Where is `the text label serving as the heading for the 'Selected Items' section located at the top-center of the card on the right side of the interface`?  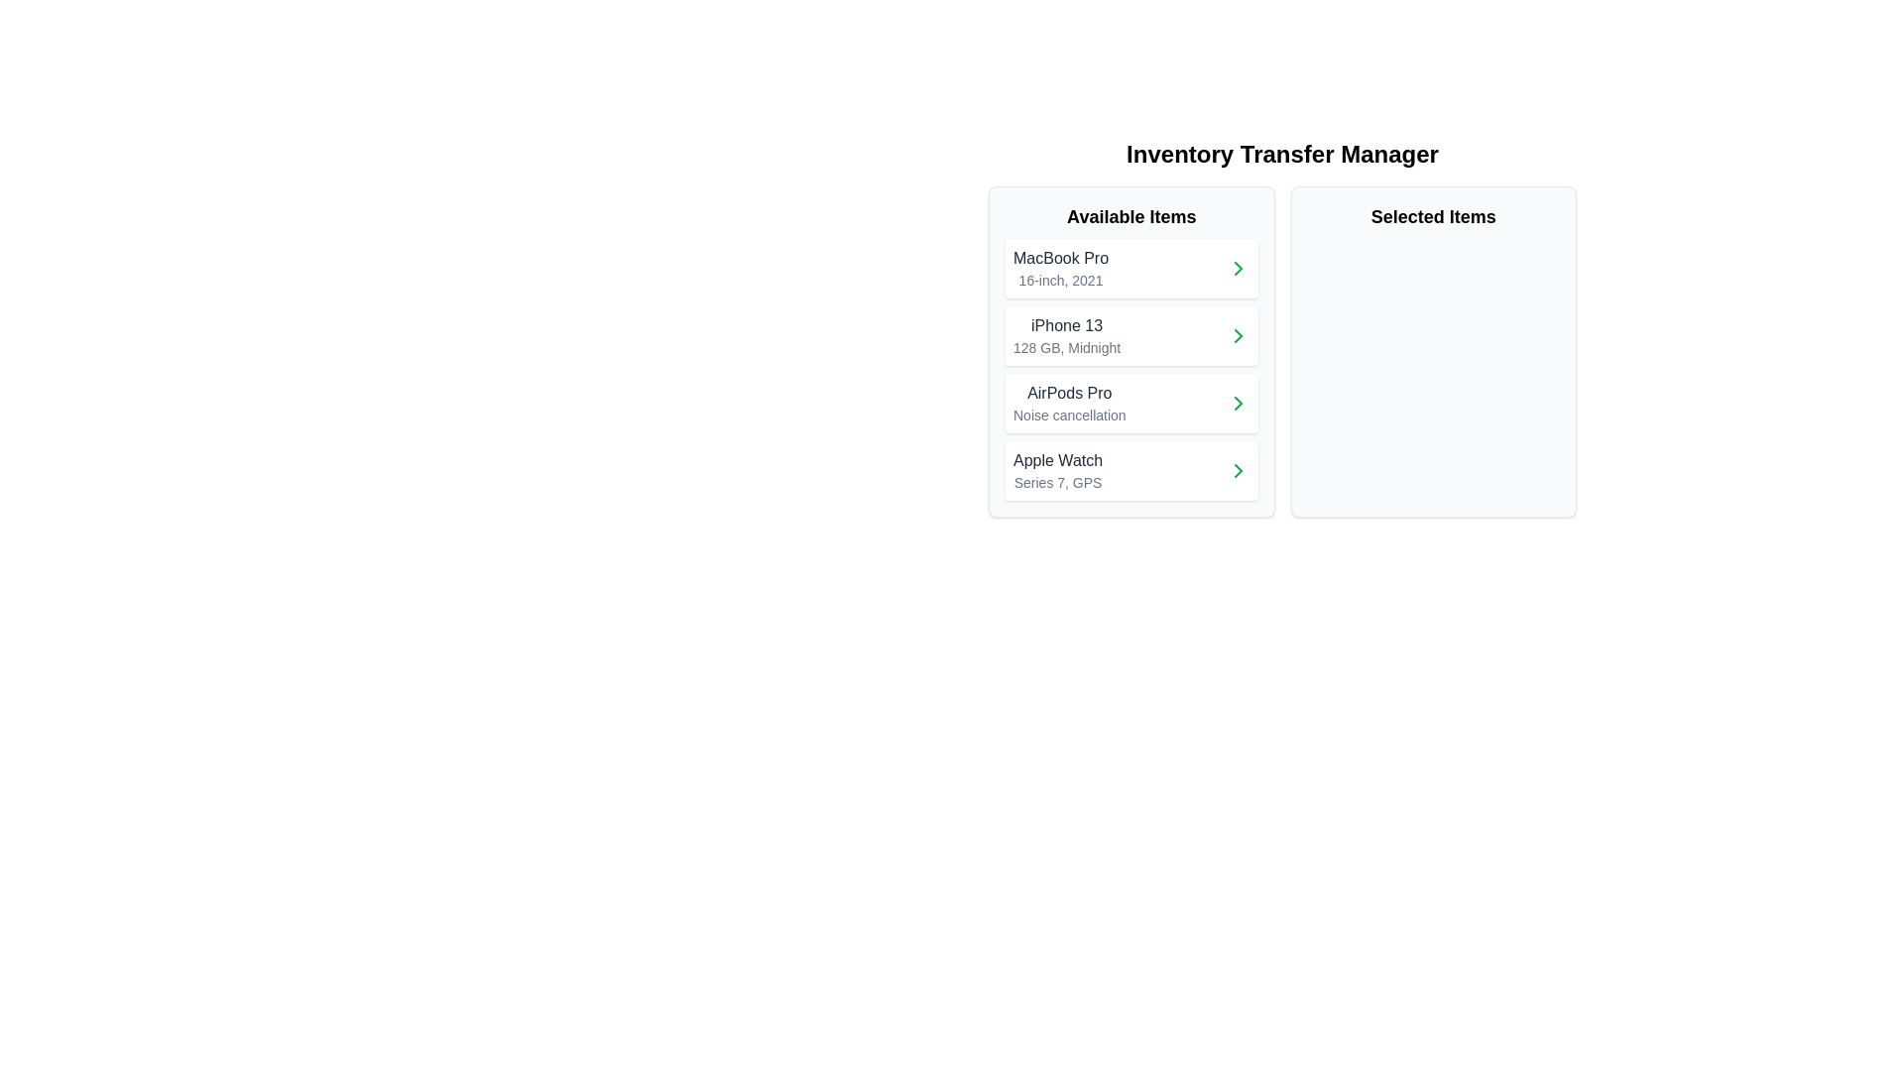
the text label serving as the heading for the 'Selected Items' section located at the top-center of the card on the right side of the interface is located at coordinates (1433, 217).